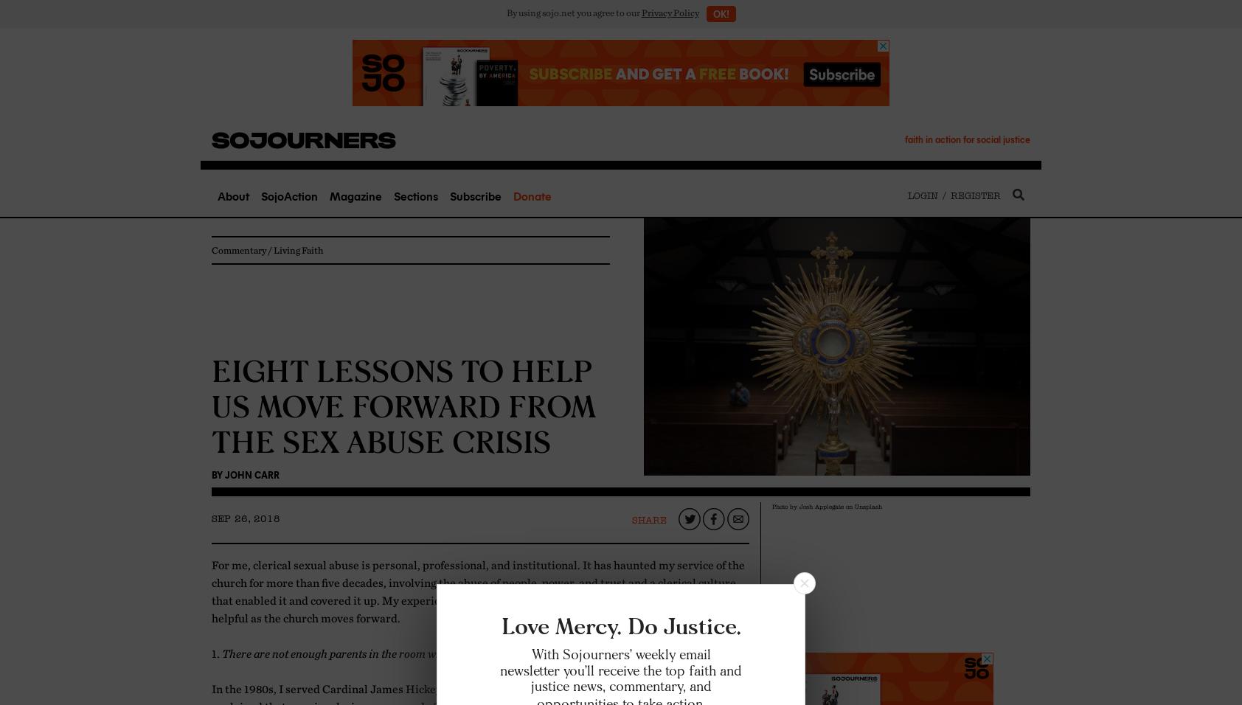  What do you see at coordinates (620, 626) in the screenshot?
I see `'Love Mercy. Do Justice.'` at bounding box center [620, 626].